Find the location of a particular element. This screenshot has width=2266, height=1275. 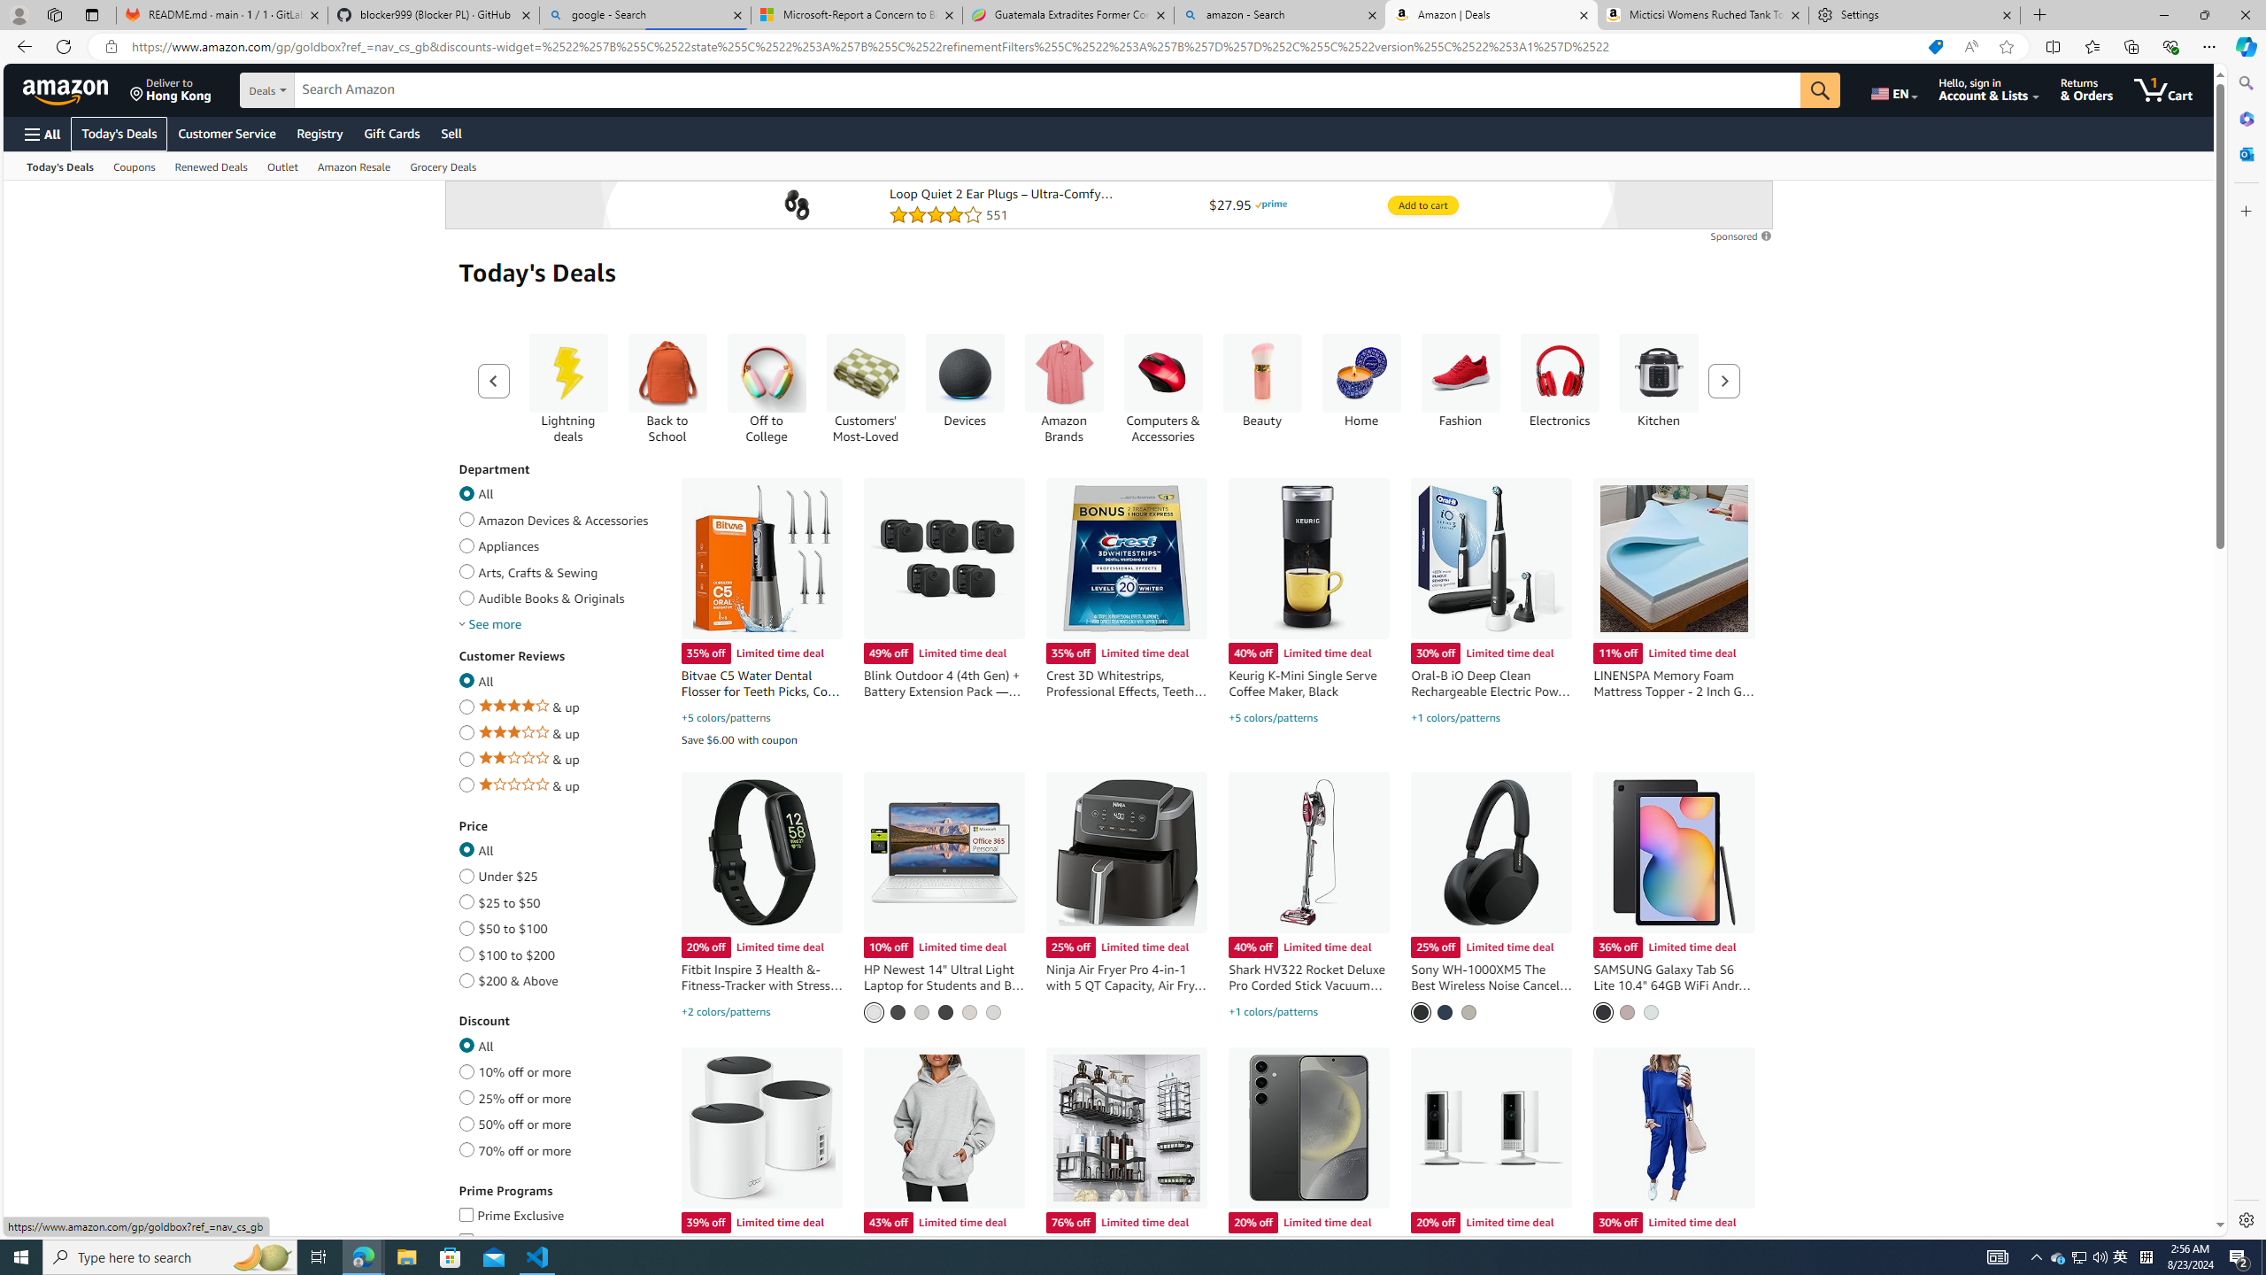

'Customers' is located at coordinates (865, 373).